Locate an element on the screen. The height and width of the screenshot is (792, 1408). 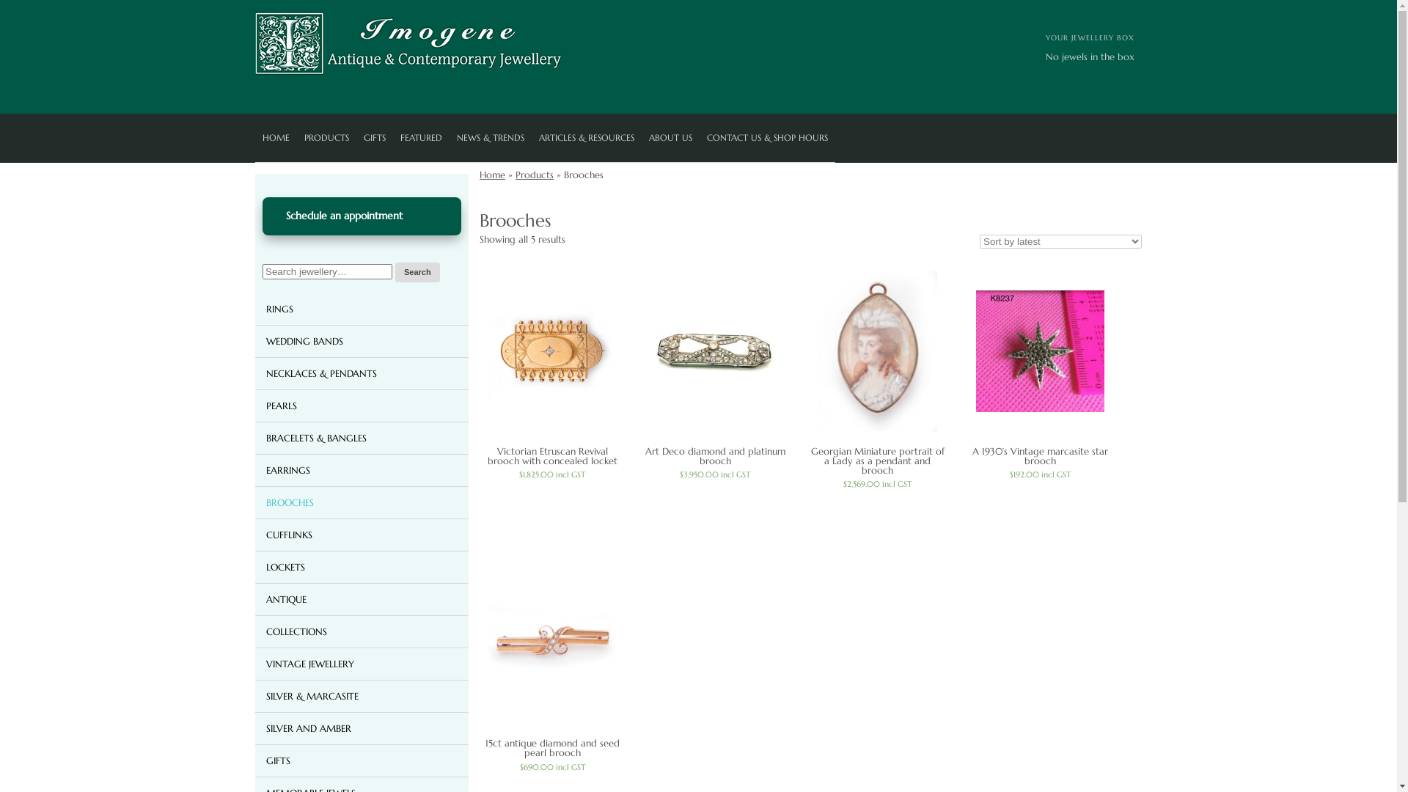
'ANTIQUE' is located at coordinates (362, 598).